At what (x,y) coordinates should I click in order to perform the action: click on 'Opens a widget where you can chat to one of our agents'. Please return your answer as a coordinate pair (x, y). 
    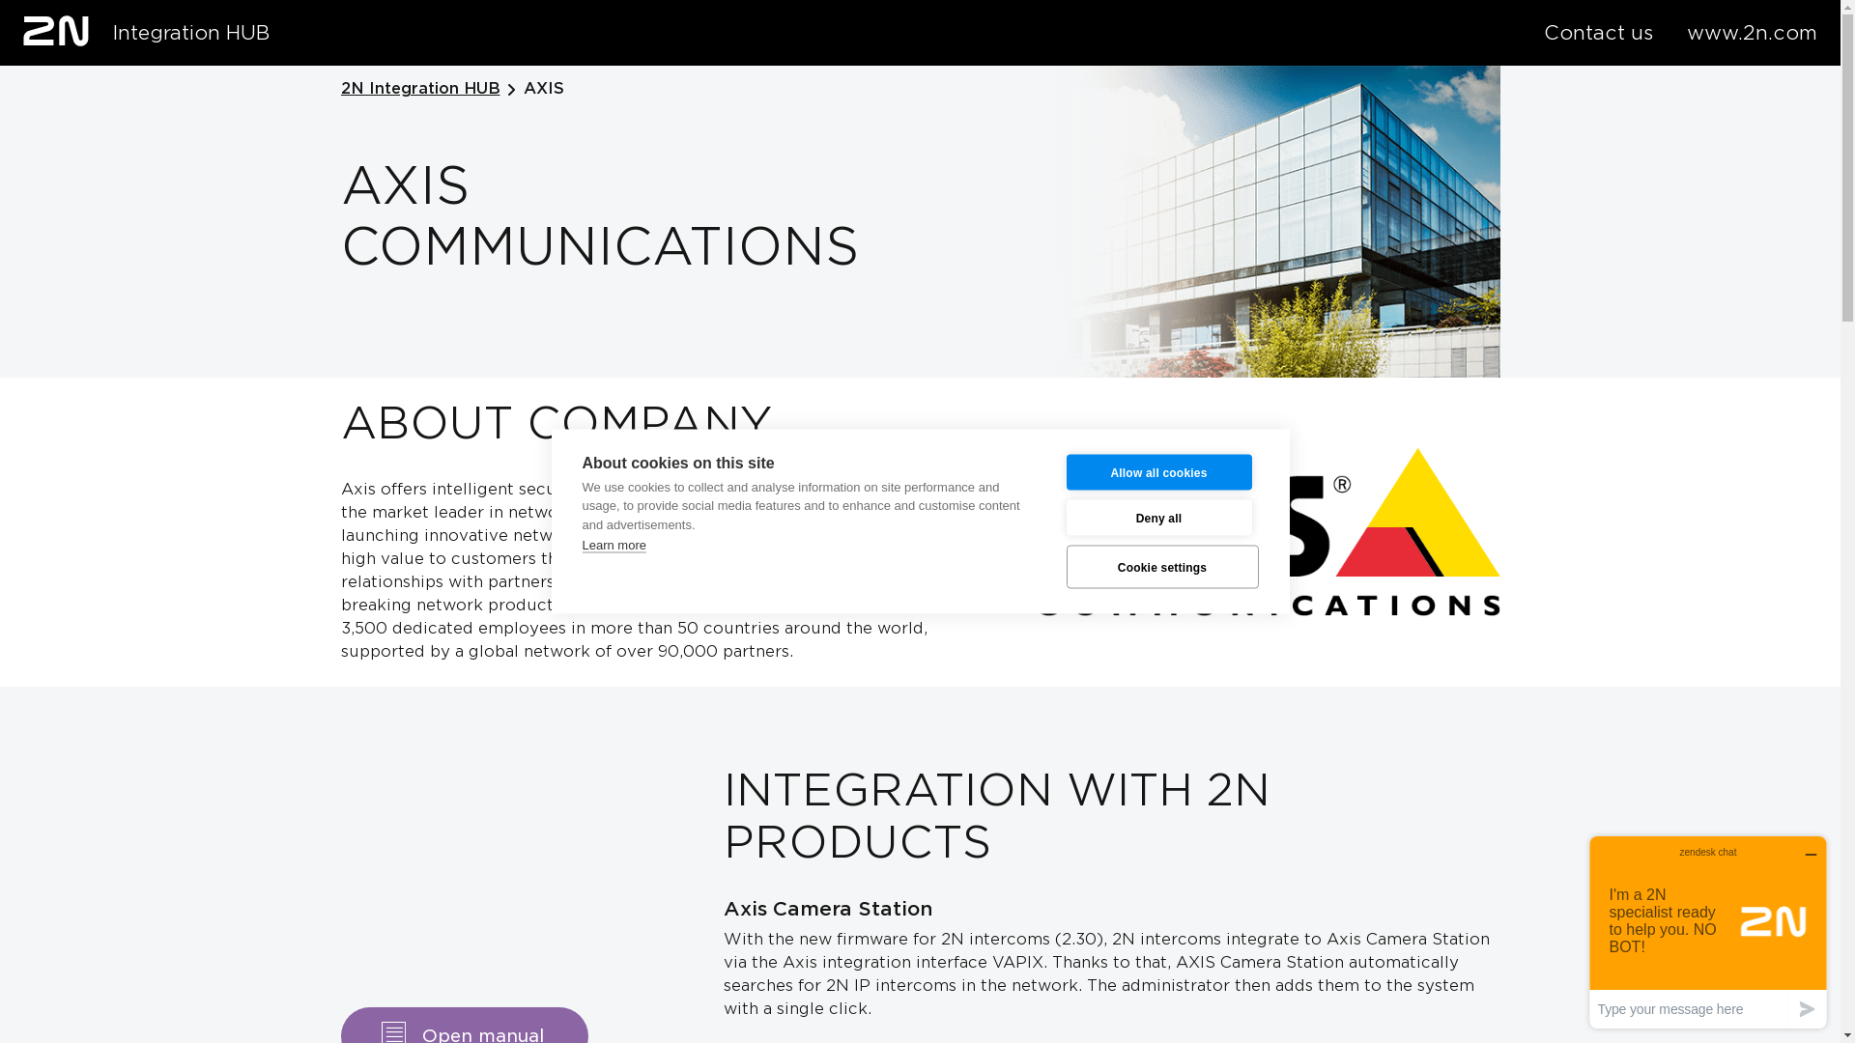
    Looking at the image, I should click on (1707, 931).